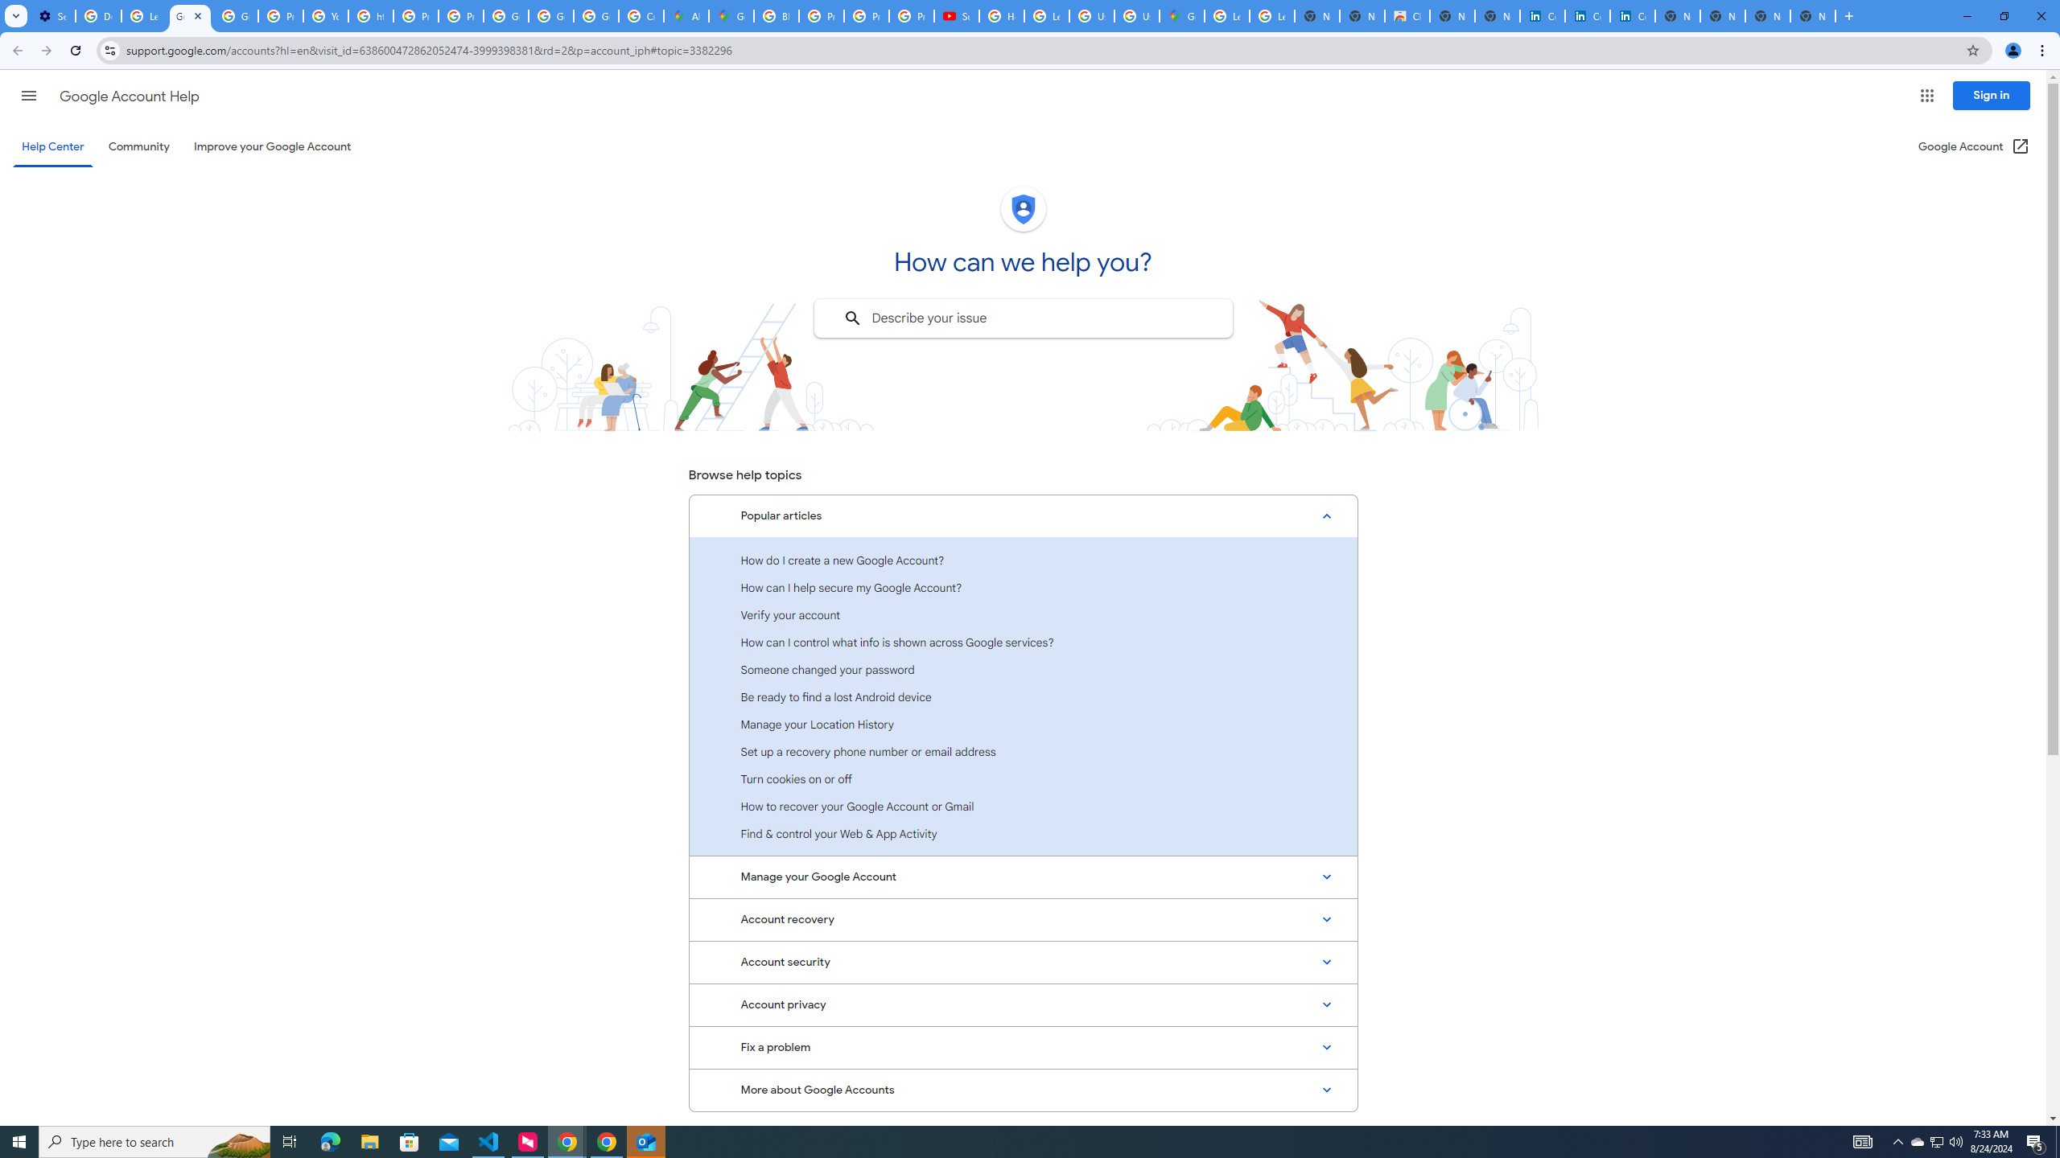 The image size is (2060, 1158). I want to click on 'Main menu', so click(27, 95).